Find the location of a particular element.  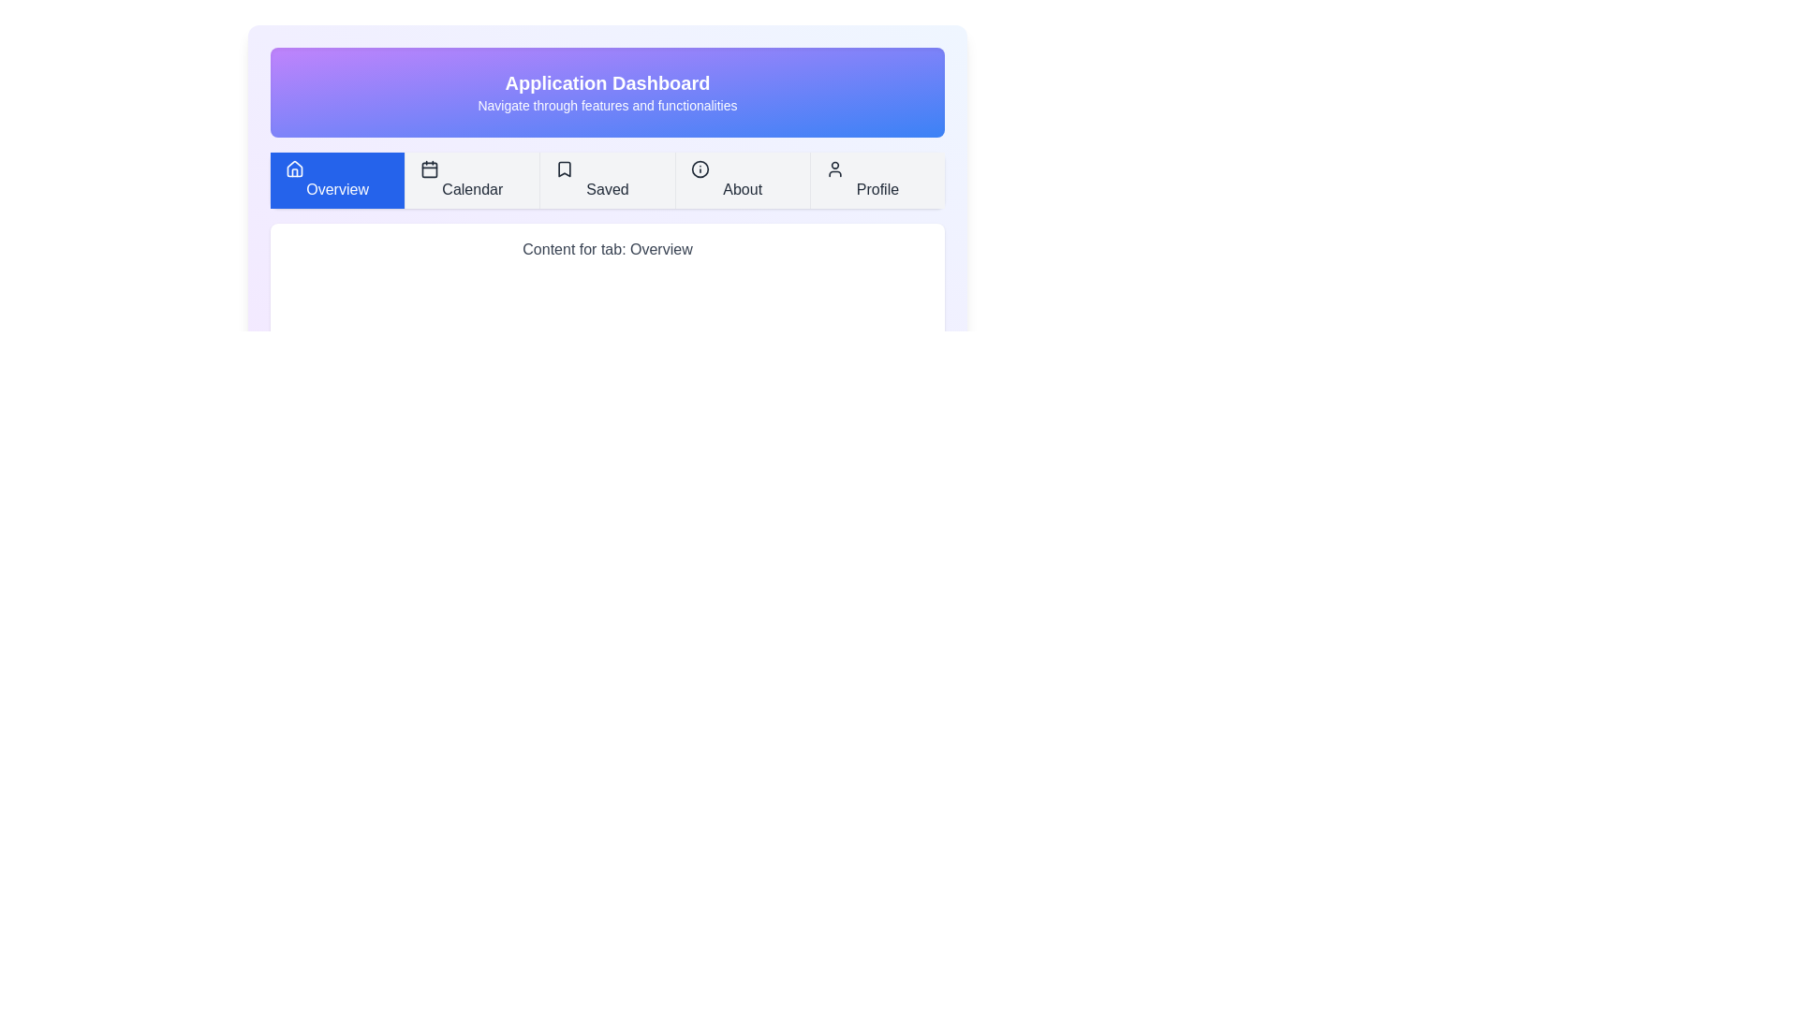

the SVG calendar icon located in the 'Calendar' tab of the top navigation bar, positioned to the right of the 'Overview' tab is located at coordinates (429, 169).